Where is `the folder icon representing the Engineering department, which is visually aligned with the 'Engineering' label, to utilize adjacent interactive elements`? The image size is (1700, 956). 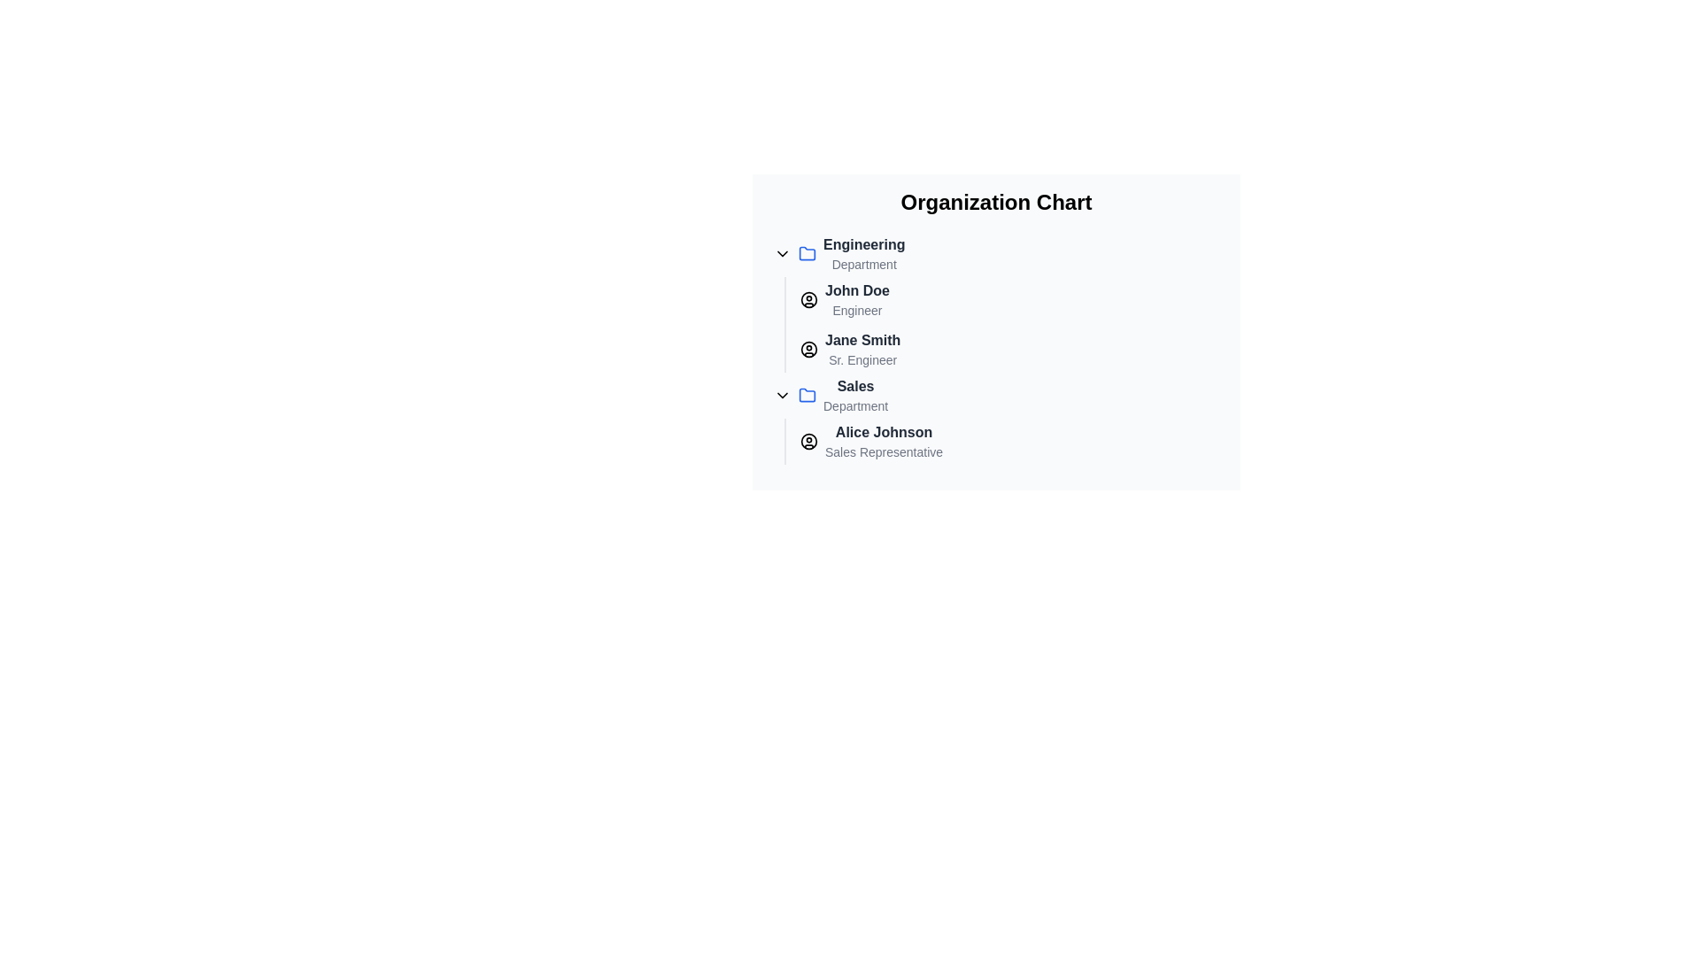
the folder icon representing the Engineering department, which is visually aligned with the 'Engineering' label, to utilize adjacent interactive elements is located at coordinates (807, 253).